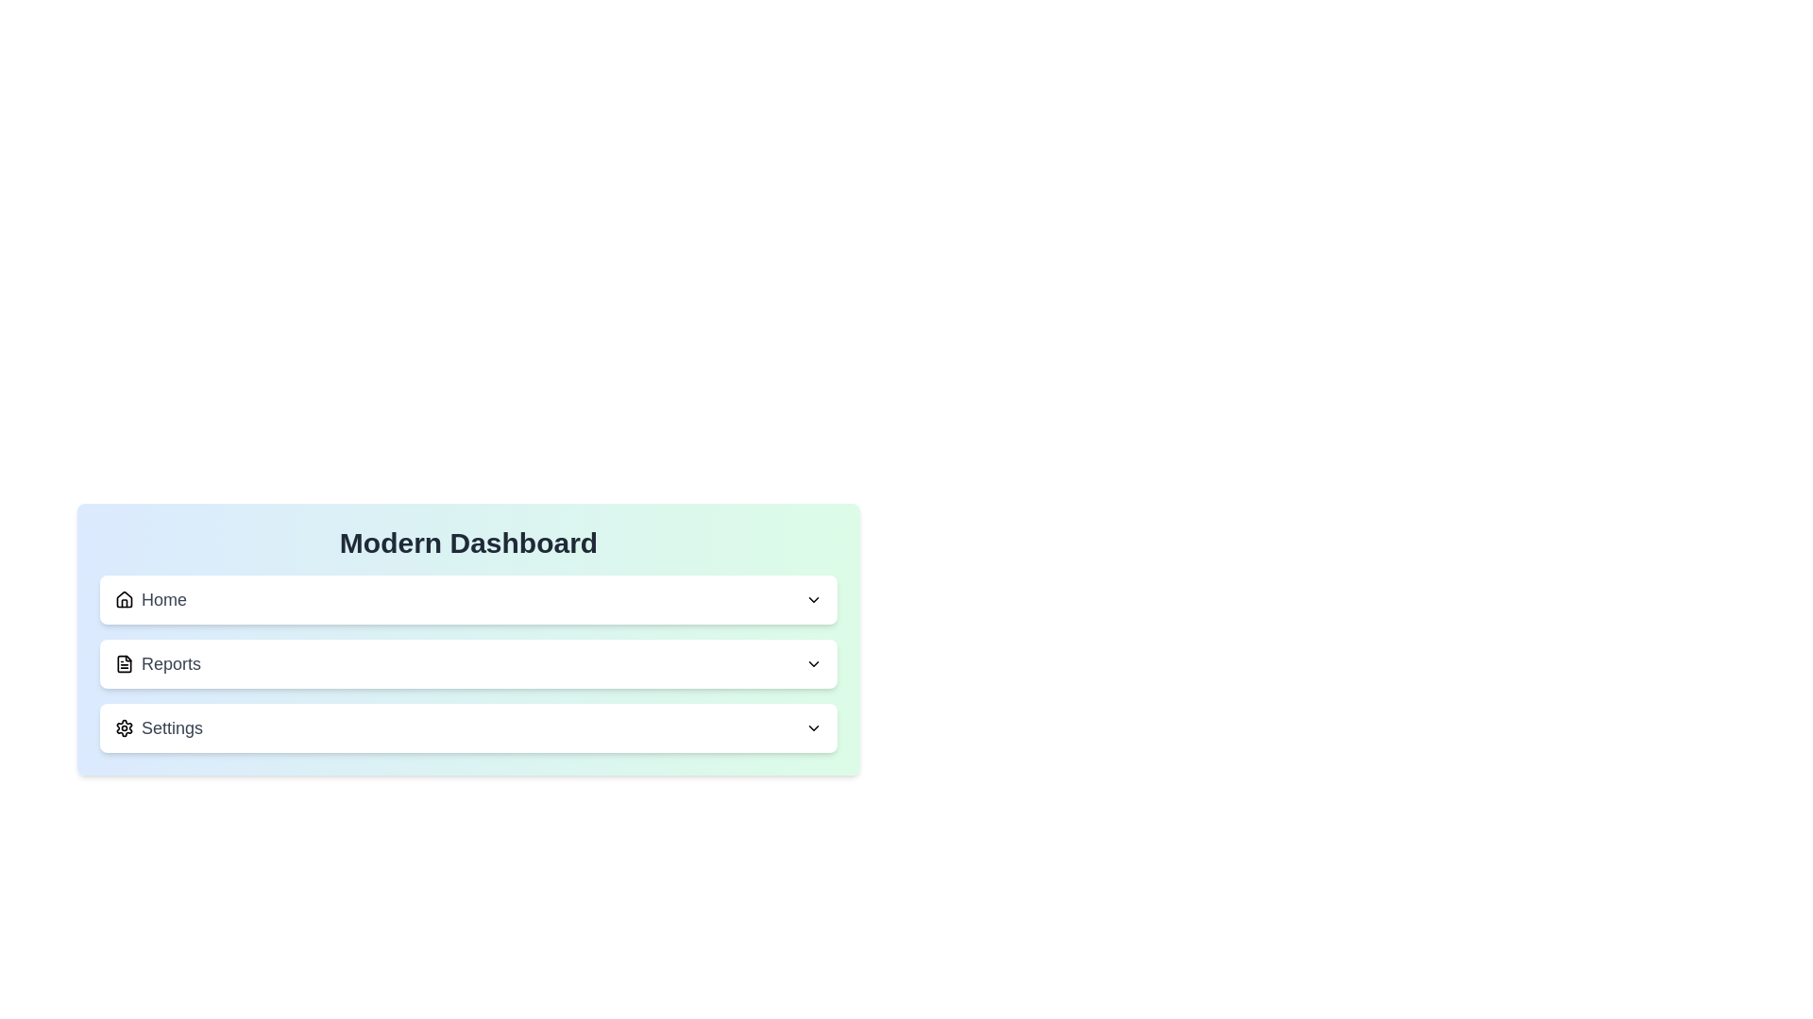 This screenshot has height=1019, width=1813. What do you see at coordinates (814, 600) in the screenshot?
I see `the dropdown menu toggle icon located at the far right of the 'Home' section in the vertical menu on the dashboard` at bounding box center [814, 600].